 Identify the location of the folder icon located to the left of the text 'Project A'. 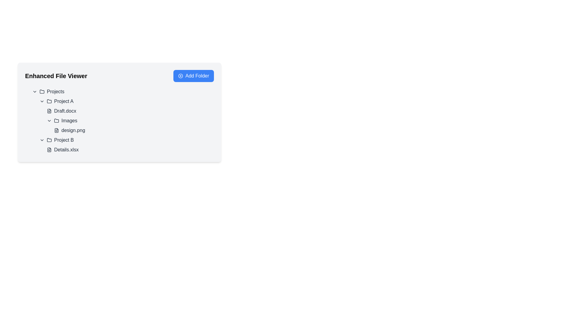
(49, 101).